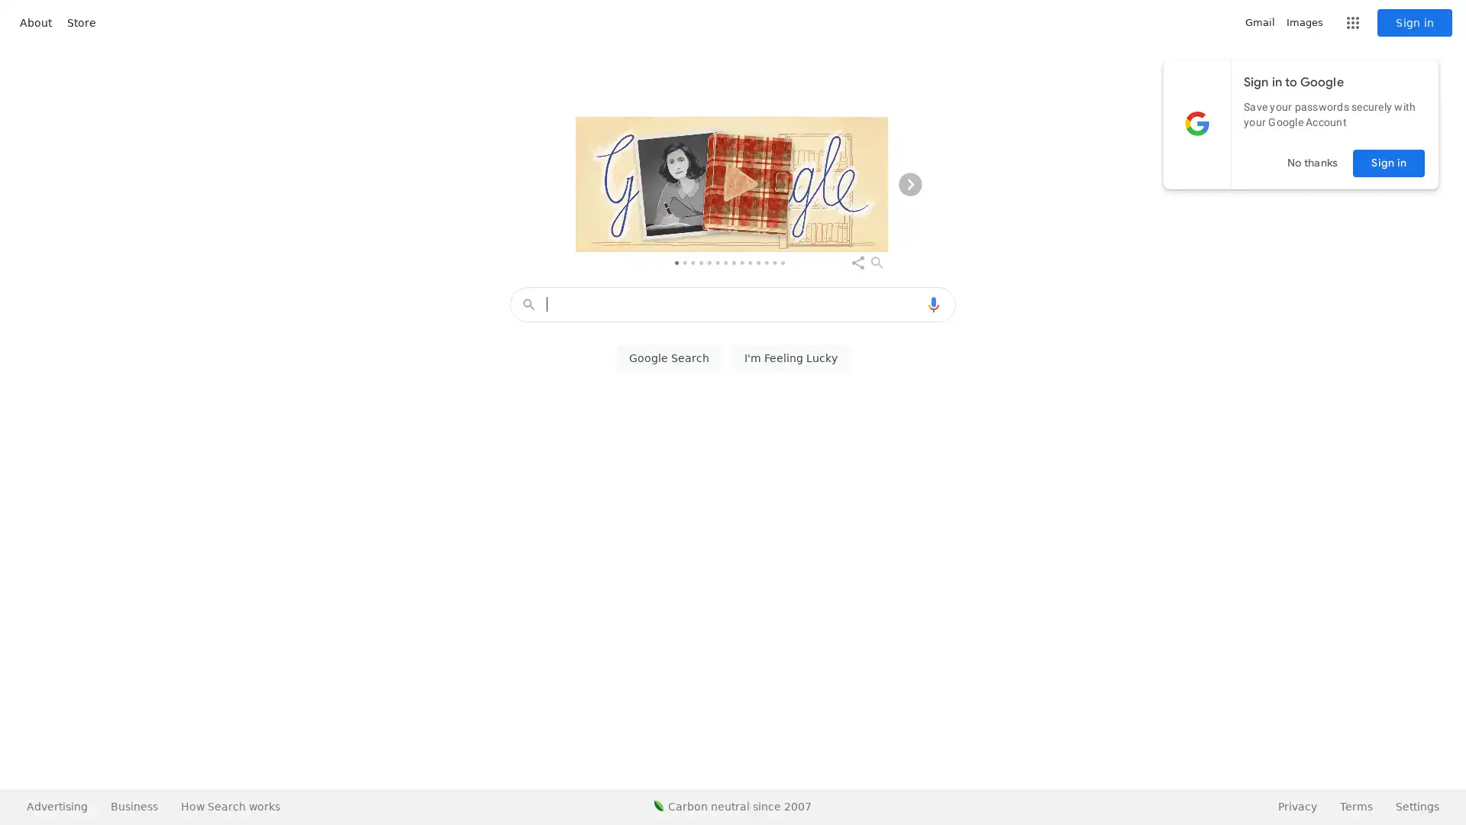 The width and height of the screenshot is (1466, 825). What do you see at coordinates (1352, 23) in the screenshot?
I see `Google apps` at bounding box center [1352, 23].